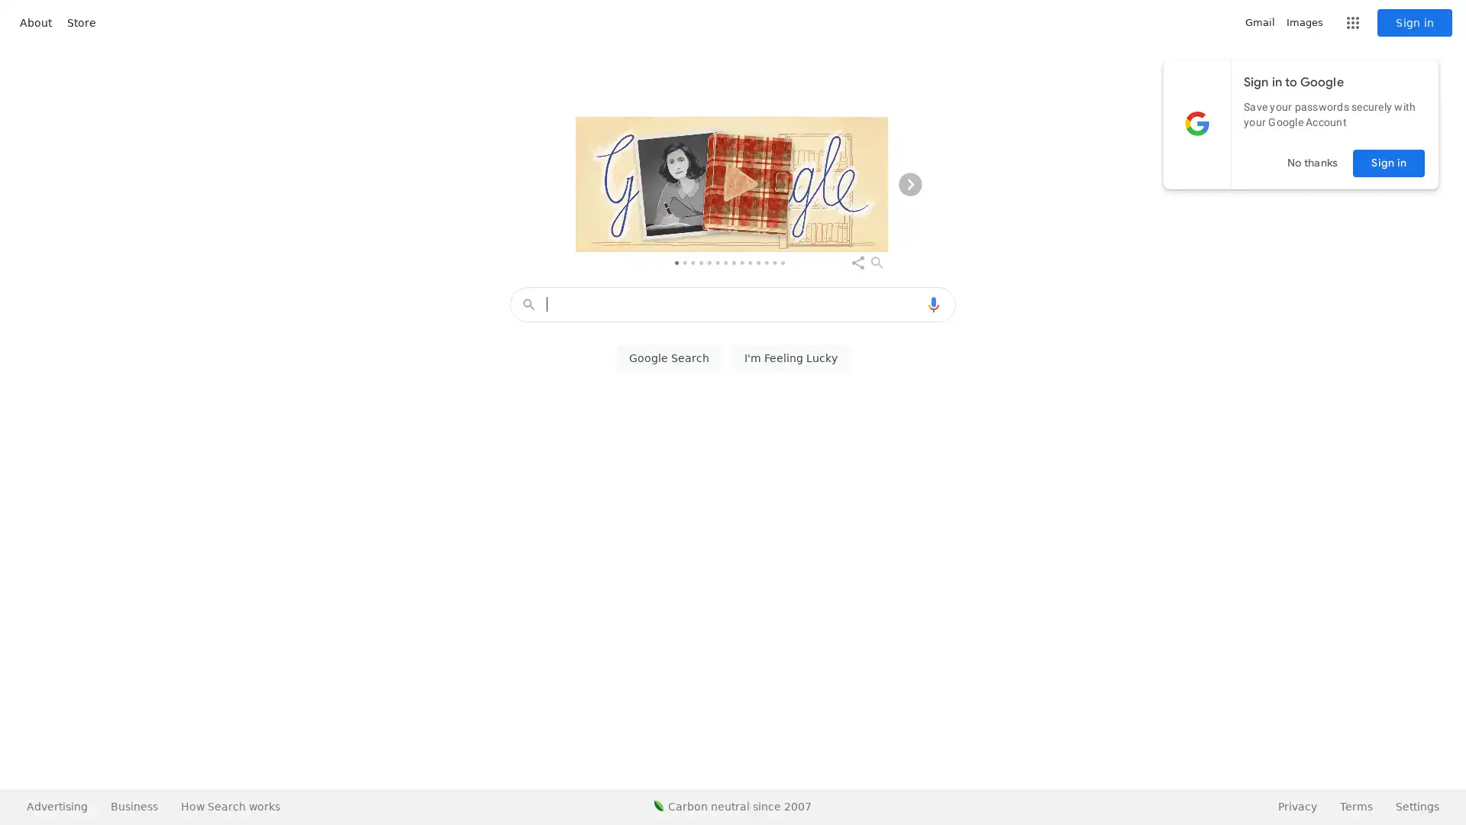 The width and height of the screenshot is (1466, 825). What do you see at coordinates (1352, 23) in the screenshot?
I see `Google apps` at bounding box center [1352, 23].